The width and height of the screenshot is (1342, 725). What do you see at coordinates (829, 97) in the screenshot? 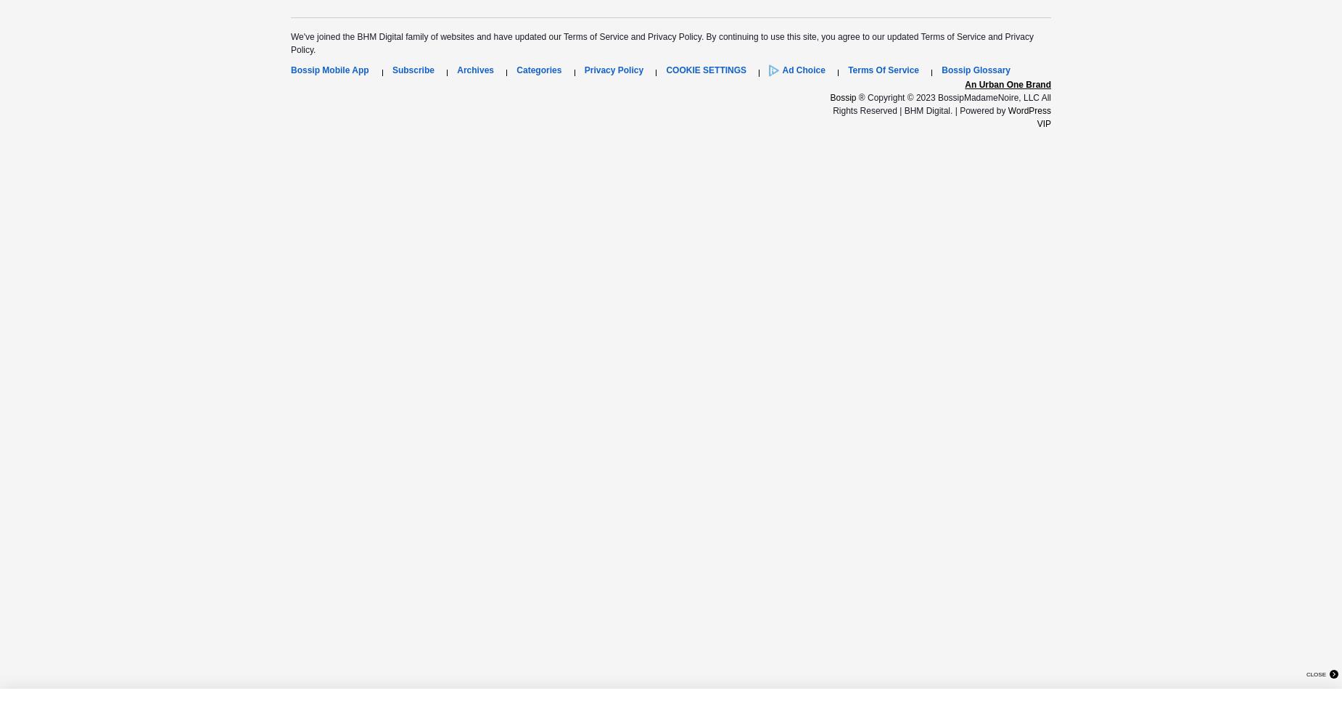
I see `'Bossip'` at bounding box center [829, 97].